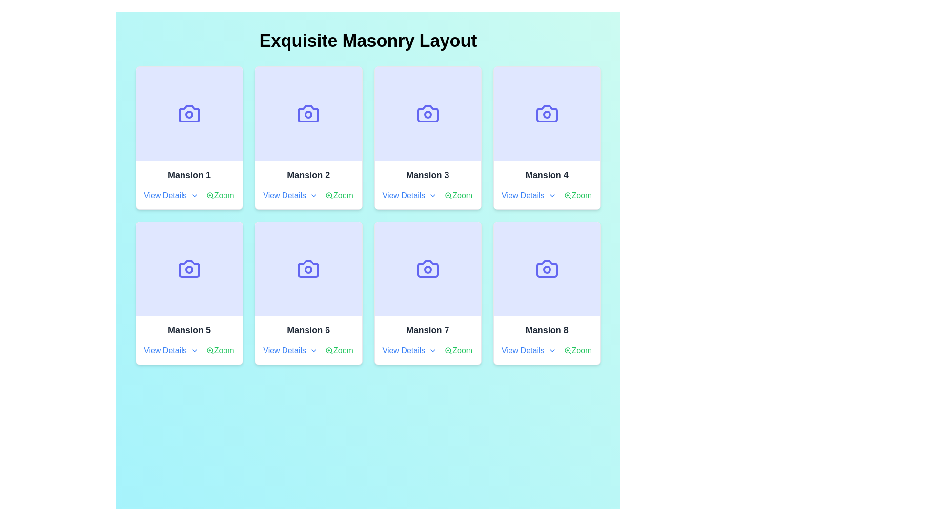 The image size is (937, 527). I want to click on the decorative camera icon, which is part of the card for 'Mansion 2', located in the first row of the grid layout, so click(308, 113).